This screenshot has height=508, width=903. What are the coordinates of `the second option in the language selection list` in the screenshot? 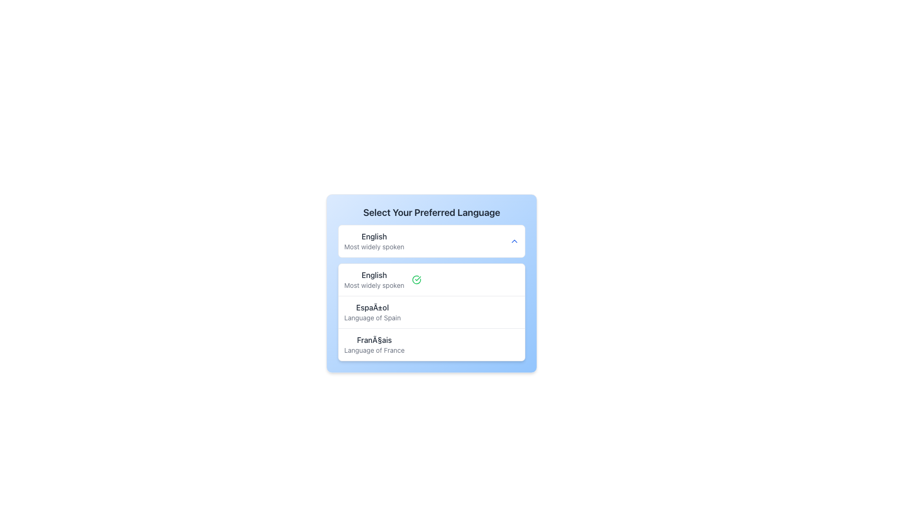 It's located at (431, 312).